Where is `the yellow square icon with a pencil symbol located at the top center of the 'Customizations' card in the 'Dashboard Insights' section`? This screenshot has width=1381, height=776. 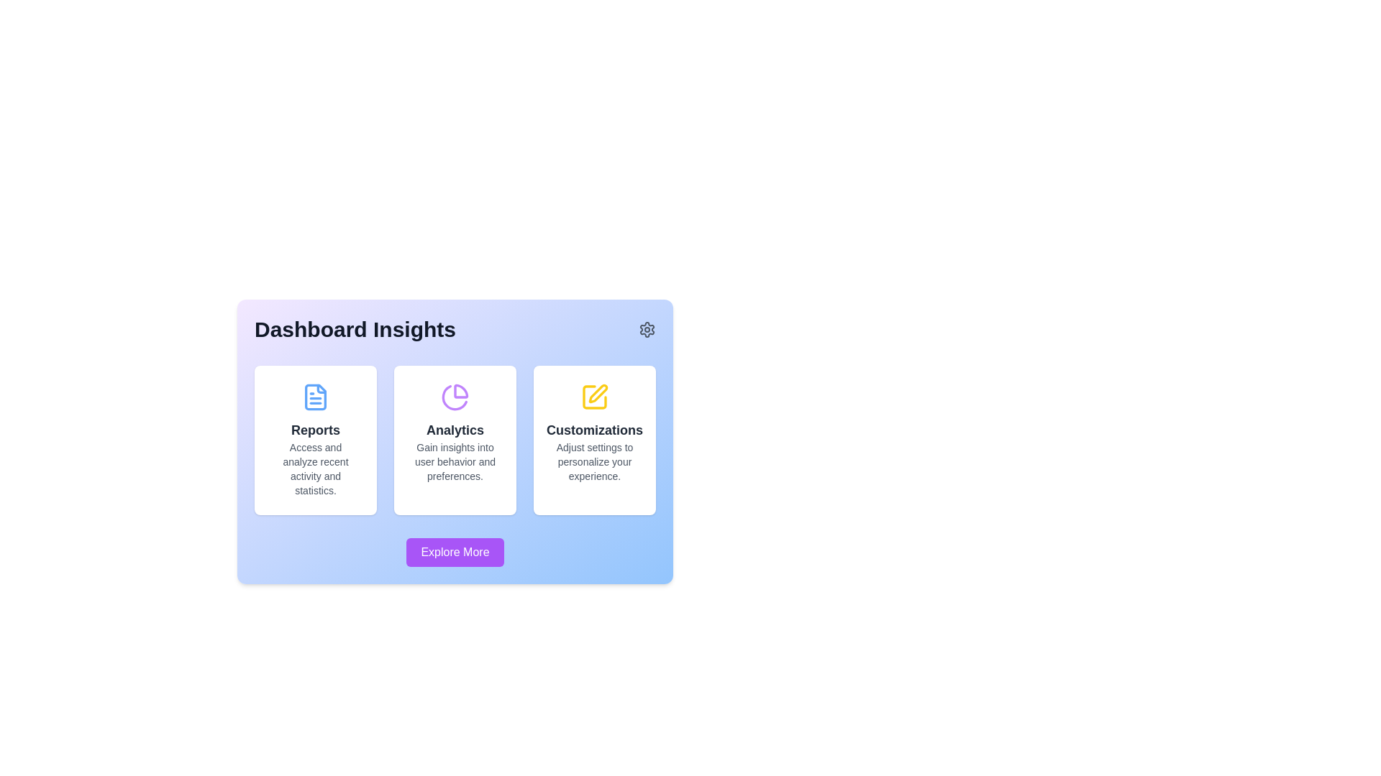 the yellow square icon with a pencil symbol located at the top center of the 'Customizations' card in the 'Dashboard Insights' section is located at coordinates (594, 397).